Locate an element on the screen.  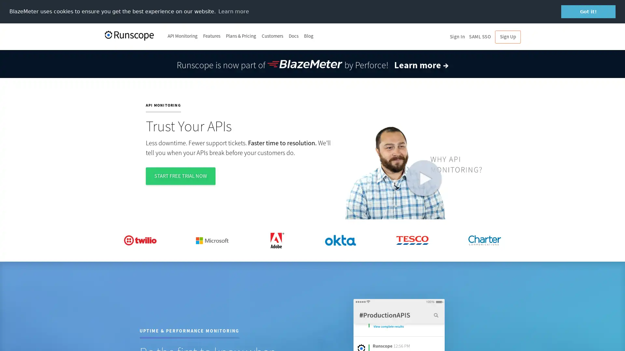
learn more about cookies is located at coordinates (233, 11).